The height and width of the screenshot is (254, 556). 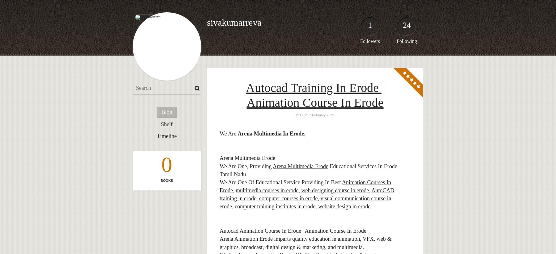 What do you see at coordinates (246, 165) in the screenshot?
I see `'We Are One, Providing'` at bounding box center [246, 165].